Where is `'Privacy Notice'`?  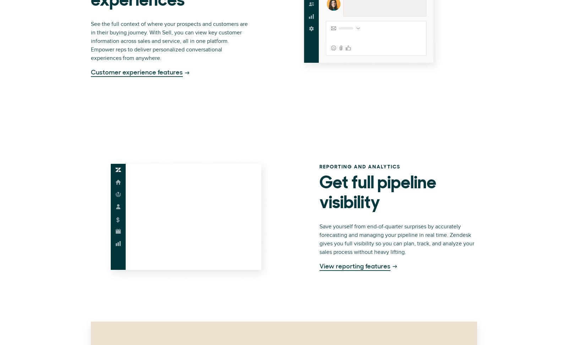 'Privacy Notice' is located at coordinates (133, 217).